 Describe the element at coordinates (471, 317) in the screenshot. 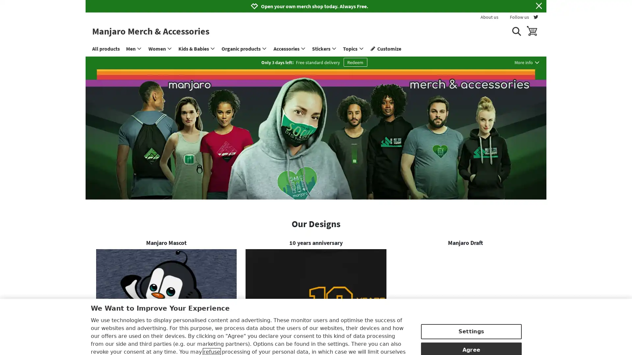

I see `Agree` at that location.